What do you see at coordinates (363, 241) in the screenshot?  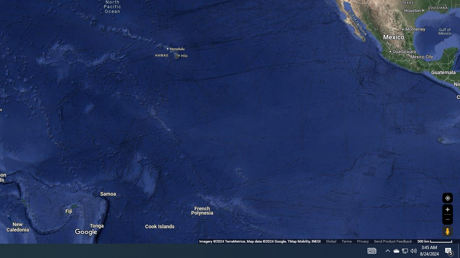 I see `'Privacy'` at bounding box center [363, 241].